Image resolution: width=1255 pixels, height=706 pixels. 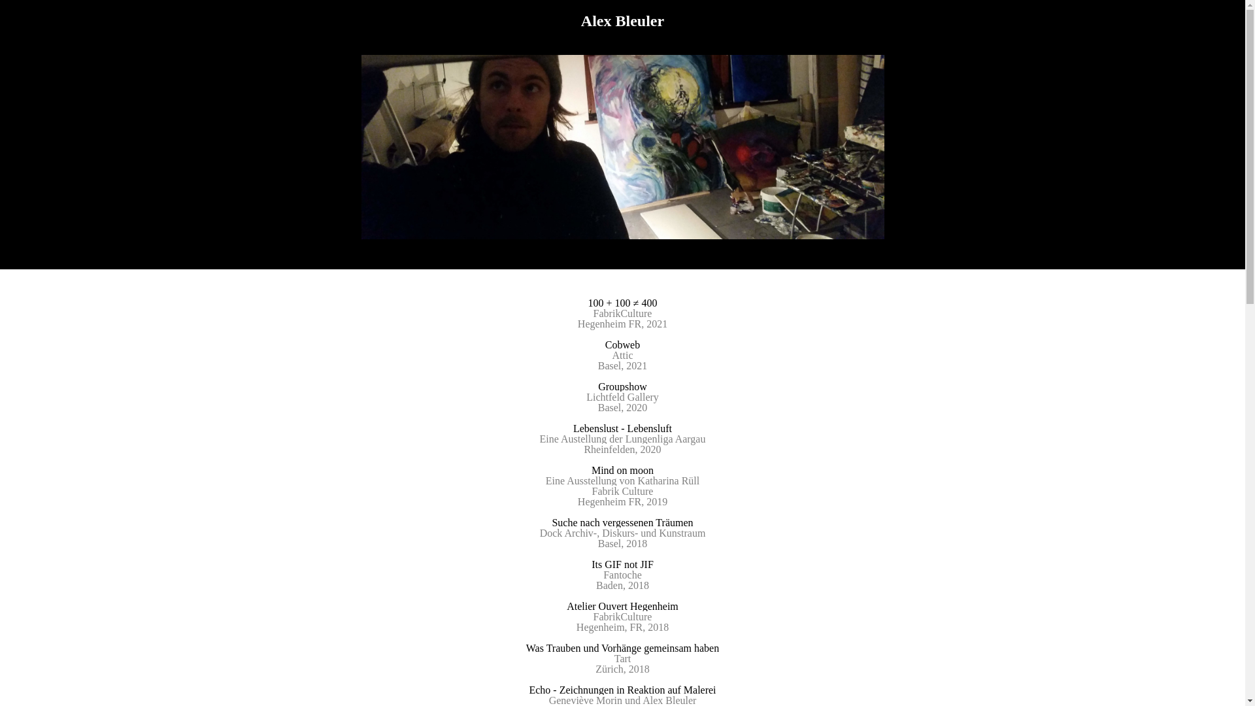 I want to click on 'Attic', so click(x=621, y=355).